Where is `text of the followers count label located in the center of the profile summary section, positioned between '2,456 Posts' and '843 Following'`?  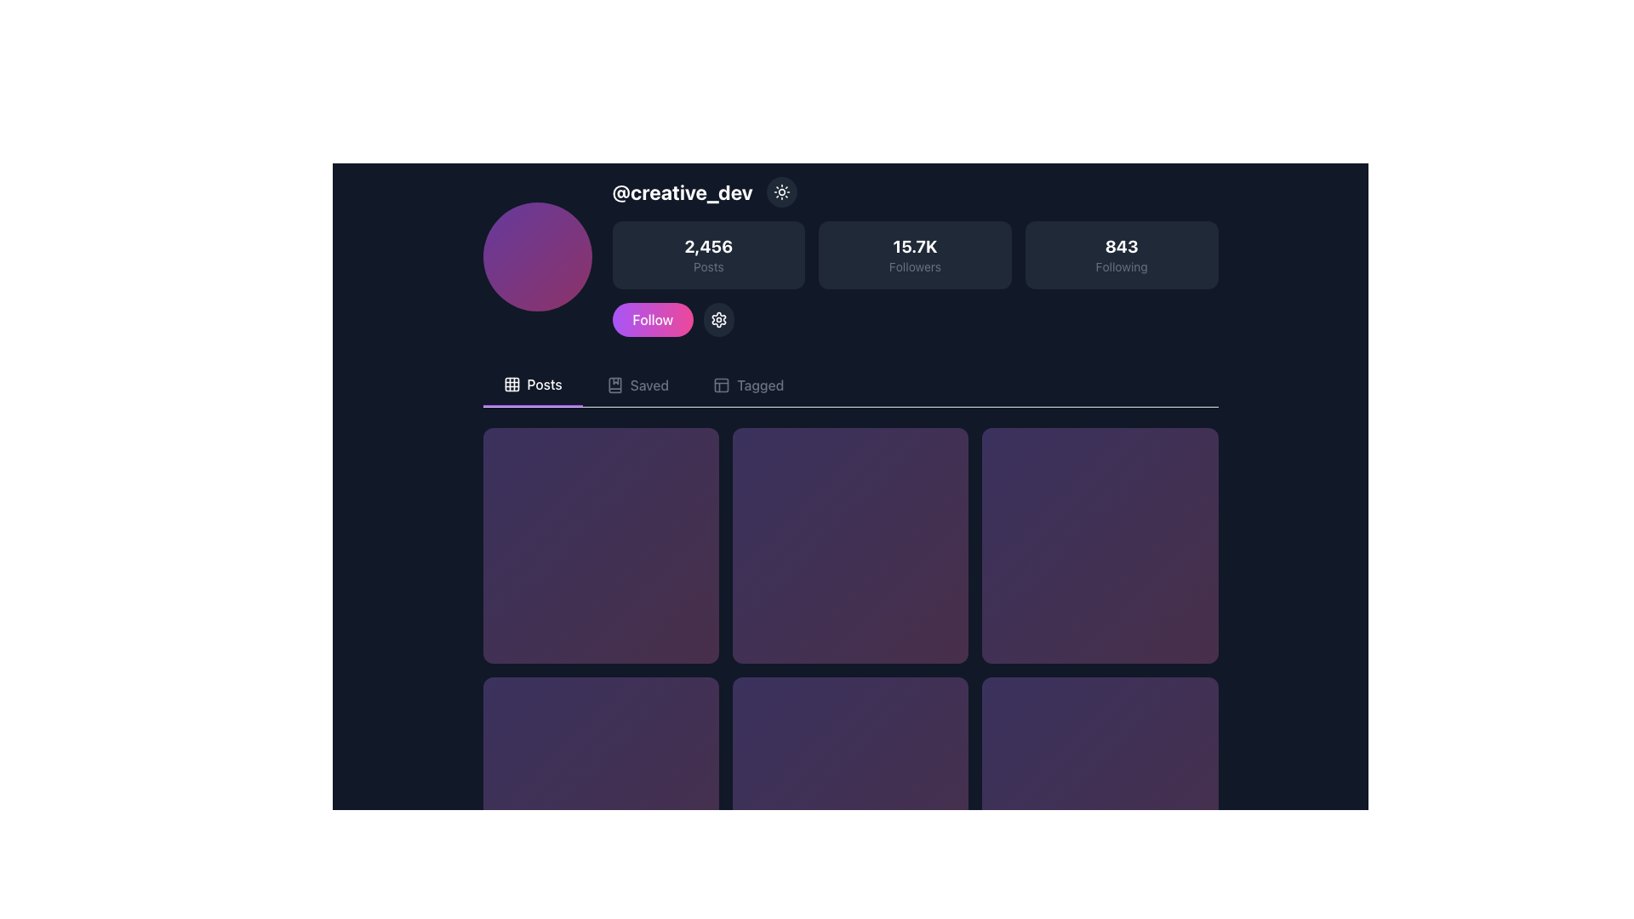
text of the followers count label located in the center of the profile summary section, positioned between '2,456 Posts' and '843 Following' is located at coordinates (914, 246).